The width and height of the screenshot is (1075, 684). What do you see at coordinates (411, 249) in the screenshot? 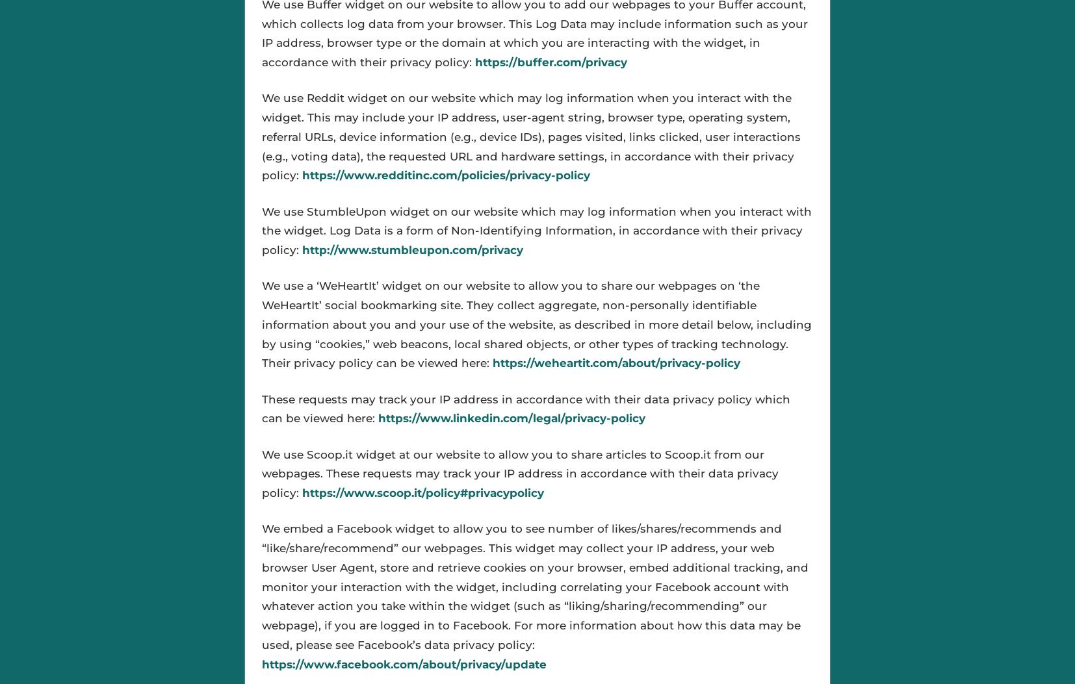
I see `'http://www.stumbleupon.com/privacy'` at bounding box center [411, 249].